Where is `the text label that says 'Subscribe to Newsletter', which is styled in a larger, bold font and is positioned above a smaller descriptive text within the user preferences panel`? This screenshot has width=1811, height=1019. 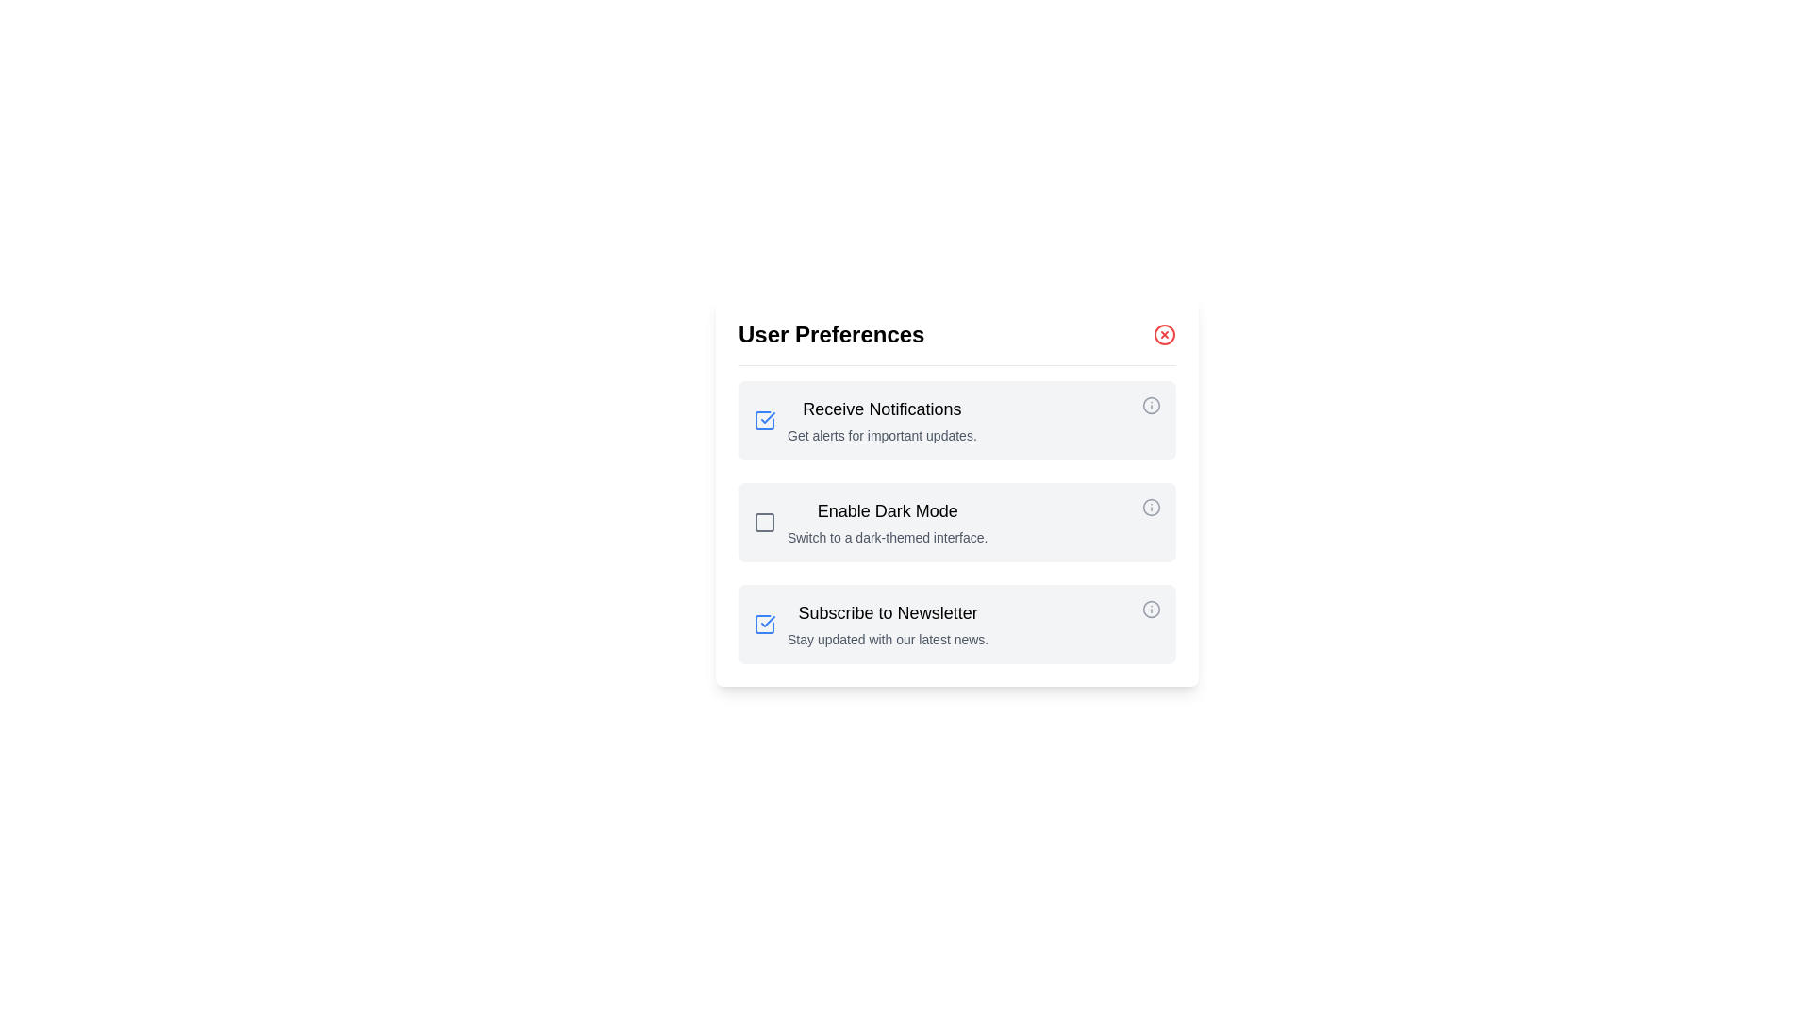 the text label that says 'Subscribe to Newsletter', which is styled in a larger, bold font and is positioned above a smaller descriptive text within the user preferences panel is located at coordinates (887, 613).